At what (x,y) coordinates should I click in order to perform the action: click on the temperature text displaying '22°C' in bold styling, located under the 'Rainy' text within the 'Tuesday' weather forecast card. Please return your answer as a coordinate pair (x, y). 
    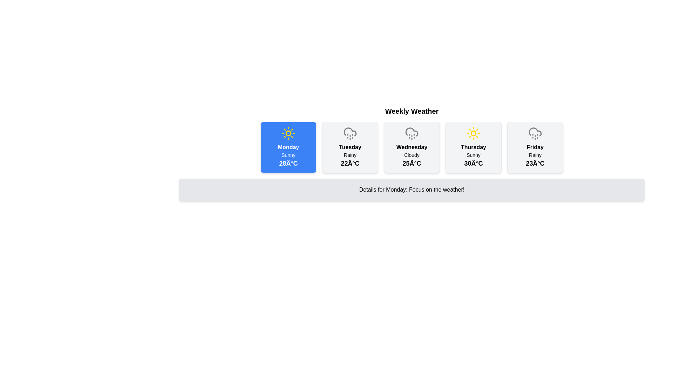
    Looking at the image, I should click on (350, 164).